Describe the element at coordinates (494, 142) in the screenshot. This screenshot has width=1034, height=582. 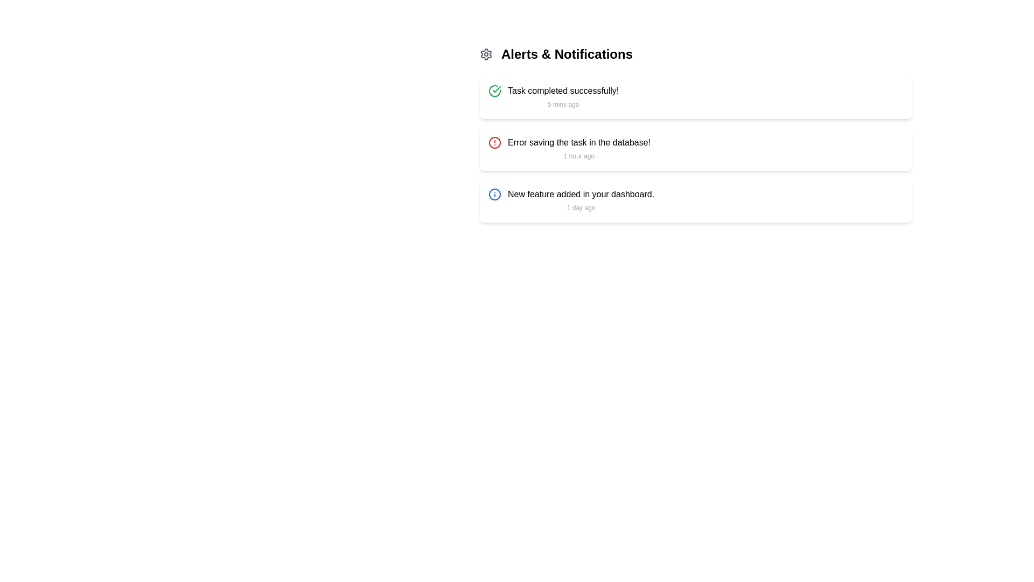
I see `the error alert icon located at the start of the second notification item in the 'Alerts & Notifications' list` at that location.